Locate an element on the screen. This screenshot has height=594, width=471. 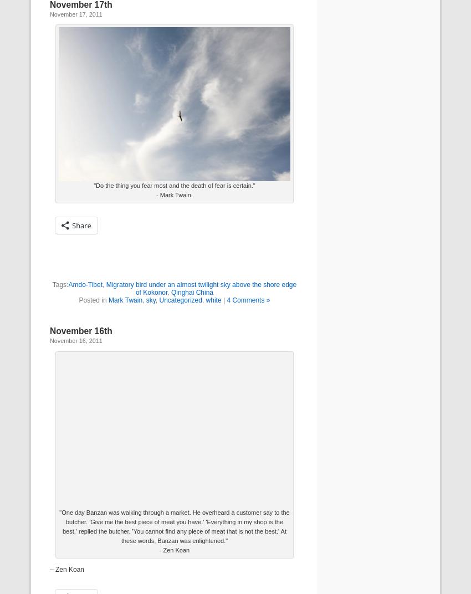
'– Zen Koan' is located at coordinates (66, 570).